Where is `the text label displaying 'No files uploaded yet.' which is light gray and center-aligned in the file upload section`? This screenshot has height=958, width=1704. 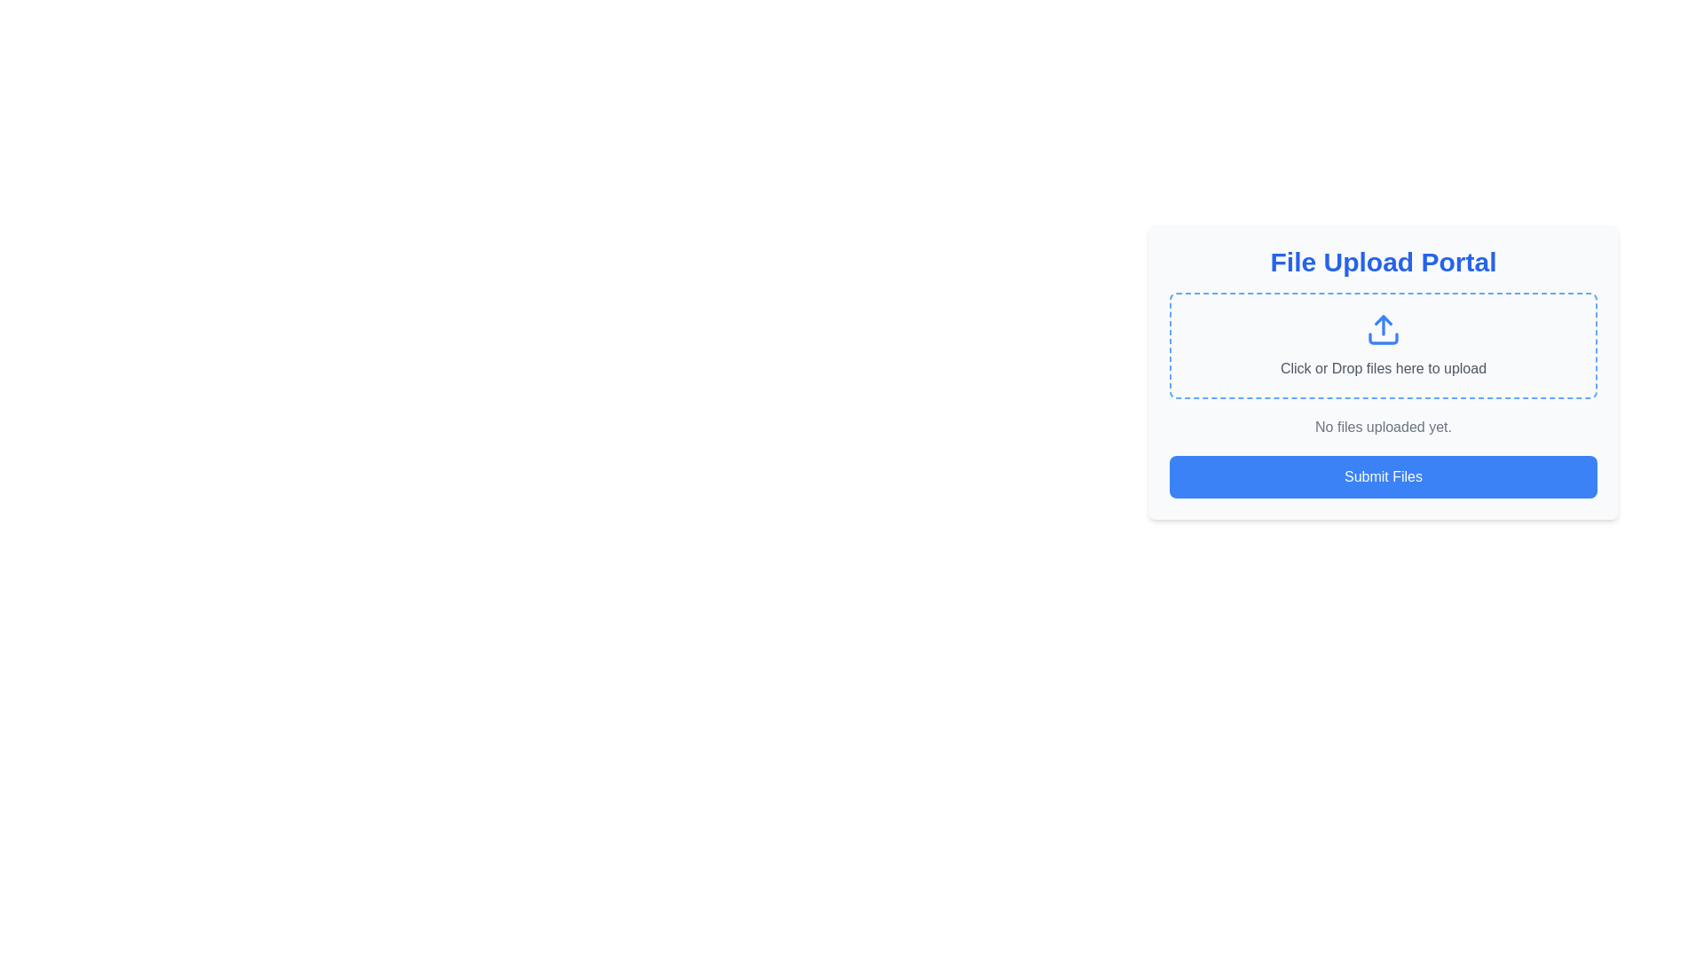 the text label displaying 'No files uploaded yet.' which is light gray and center-aligned in the file upload section is located at coordinates (1383, 428).